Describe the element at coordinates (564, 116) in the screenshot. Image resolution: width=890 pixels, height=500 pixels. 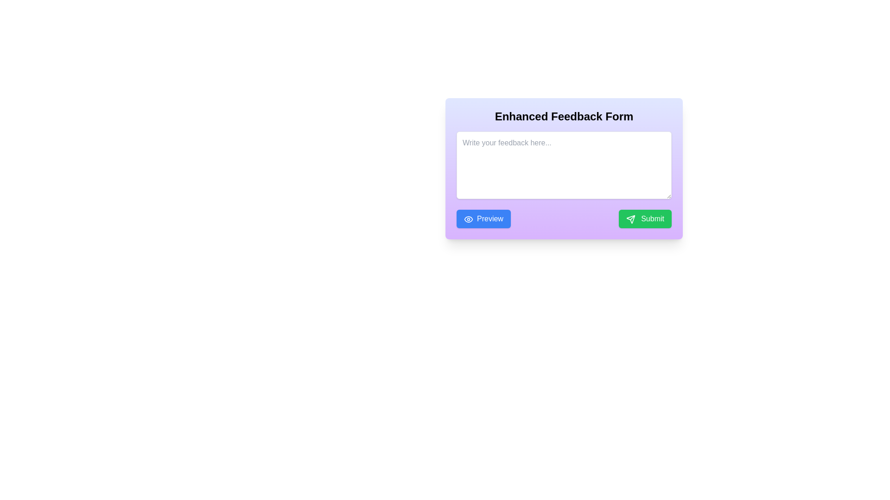
I see `the static text heading at the top of the feedback form, which serves as the title and context for the form` at that location.